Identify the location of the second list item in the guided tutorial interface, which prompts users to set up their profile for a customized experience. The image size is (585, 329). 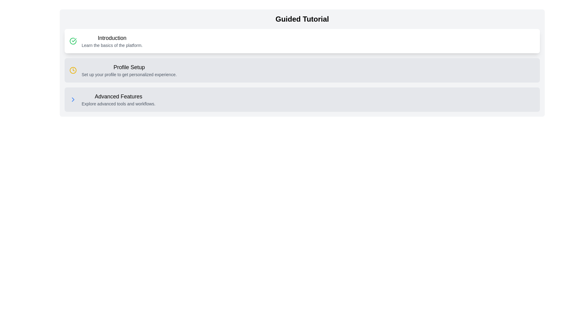
(302, 70).